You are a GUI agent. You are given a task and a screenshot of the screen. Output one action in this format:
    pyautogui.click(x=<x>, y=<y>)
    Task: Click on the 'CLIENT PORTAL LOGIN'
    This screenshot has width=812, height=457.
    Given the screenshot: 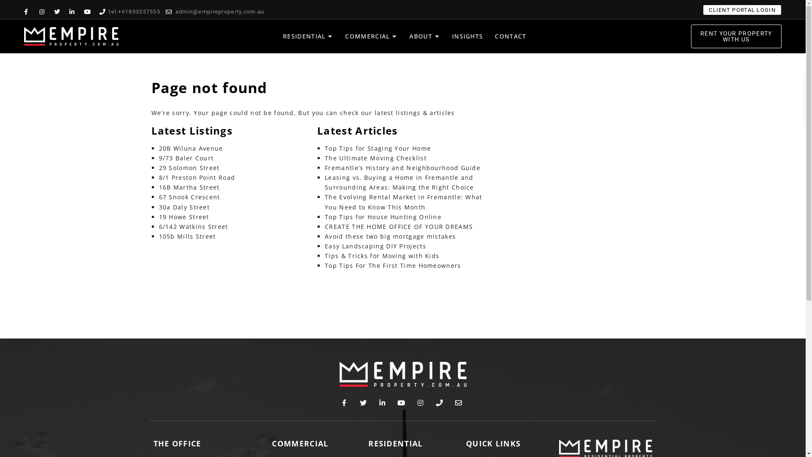 What is the action you would take?
    pyautogui.click(x=742, y=10)
    